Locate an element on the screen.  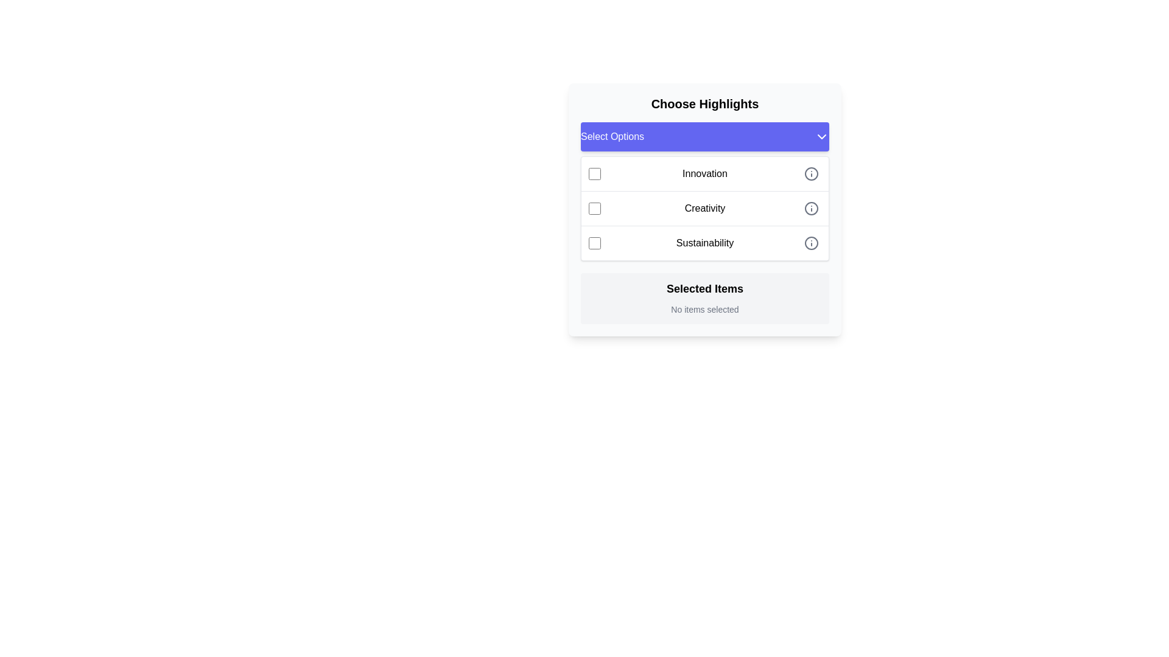
the clickable icon located to the right of the 'Innovation' text is located at coordinates (812, 173).